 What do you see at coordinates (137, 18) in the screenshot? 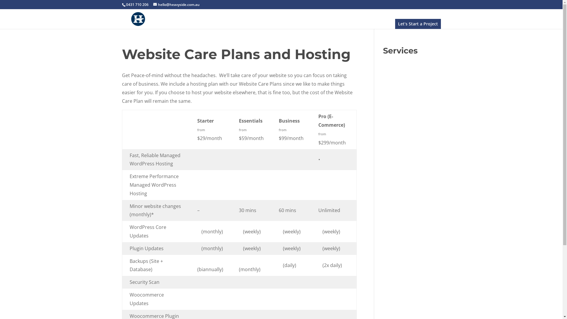
I see `'Heavyside Digital Development'` at bounding box center [137, 18].